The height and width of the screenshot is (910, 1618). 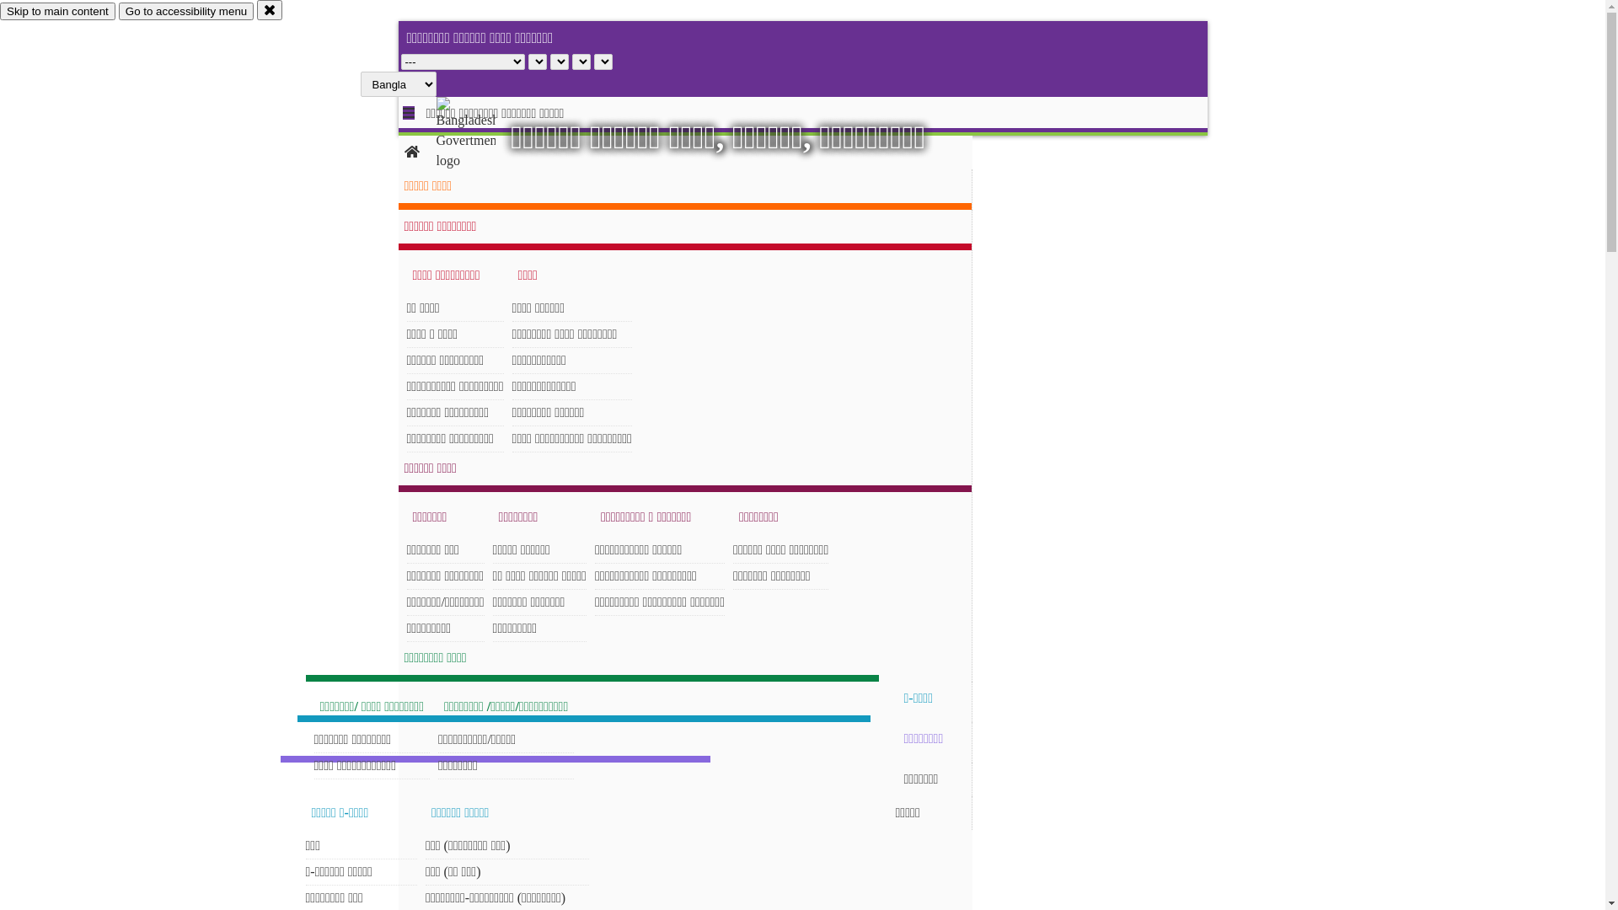 I want to click on ', so click(x=480, y=132).